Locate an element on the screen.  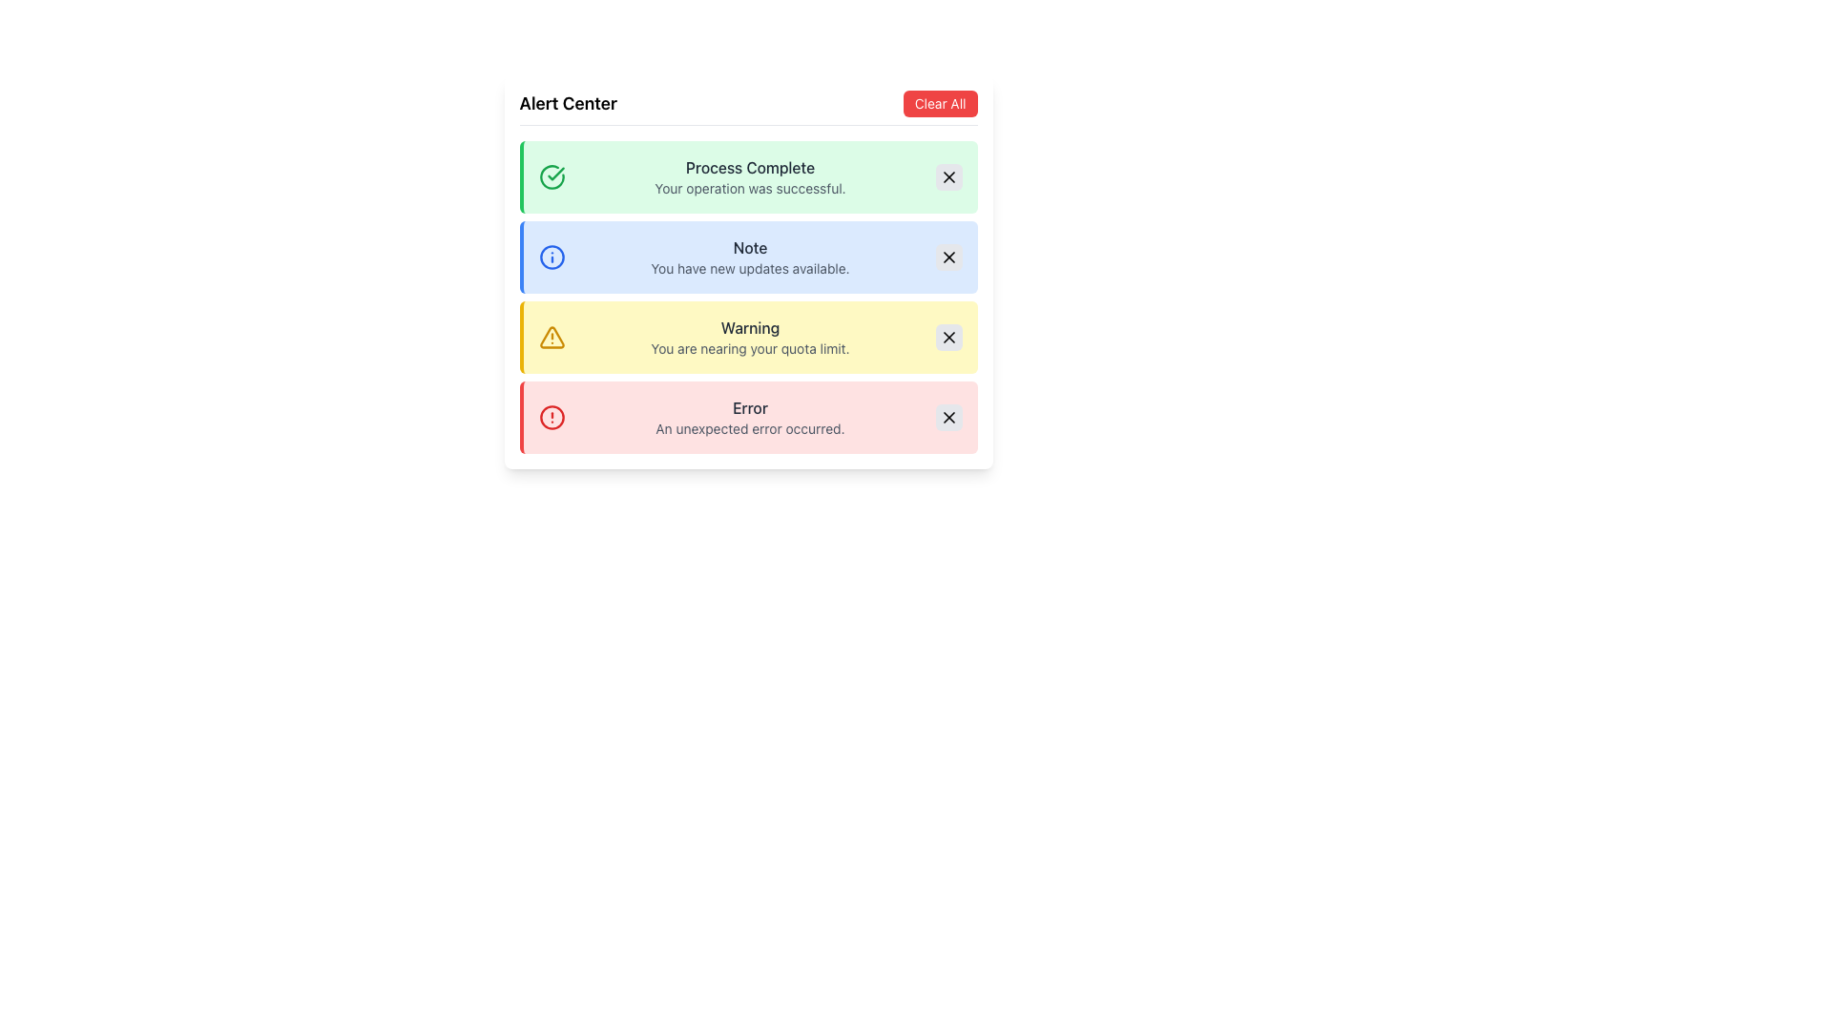
warning text of the non-interactive notification message titled 'Warning' that informs about nearing quota limit, positioned within the 'Alert Center' dialog is located at coordinates (749, 337).